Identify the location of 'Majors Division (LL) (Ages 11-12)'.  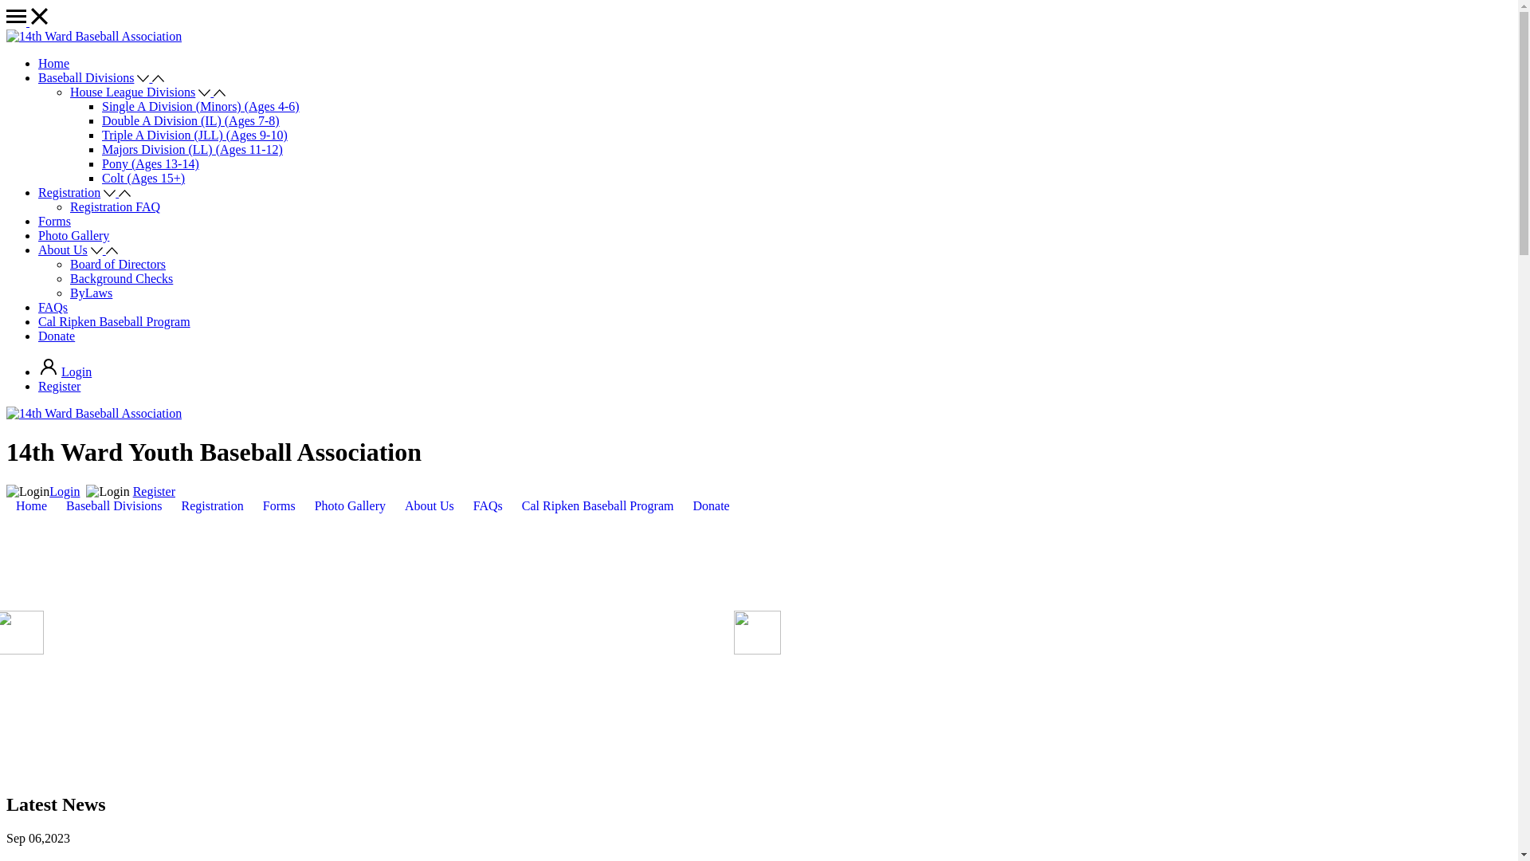
(191, 149).